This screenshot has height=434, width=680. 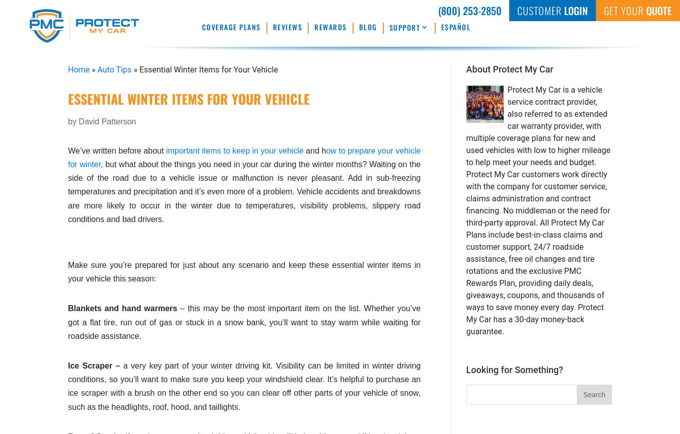 I want to click on 'important items to keep in your vehicle', so click(x=234, y=150).